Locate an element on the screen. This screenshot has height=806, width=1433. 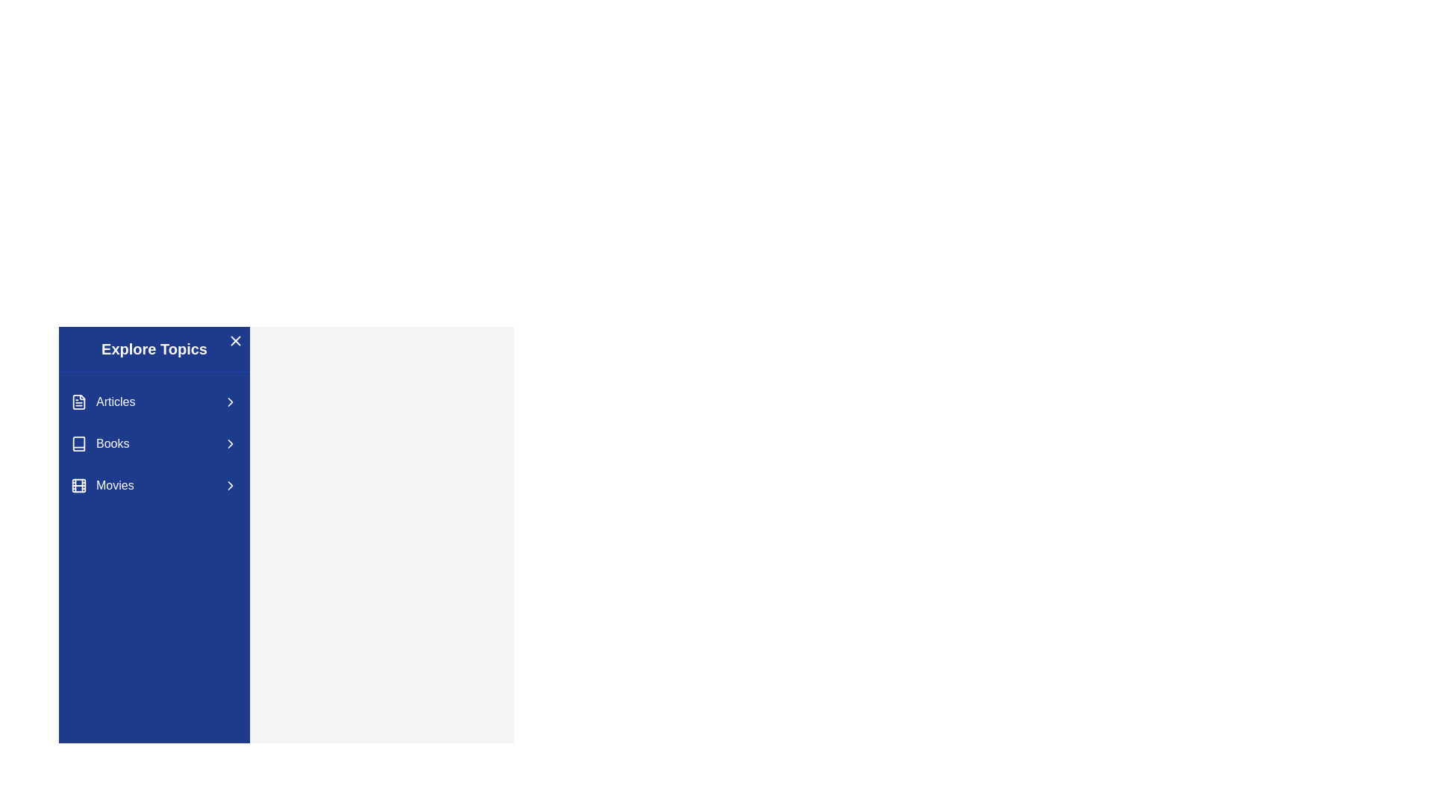
the text label that serves as a header or title for the section, positioned in the top-left corner of a blue sidebar is located at coordinates (154, 349).